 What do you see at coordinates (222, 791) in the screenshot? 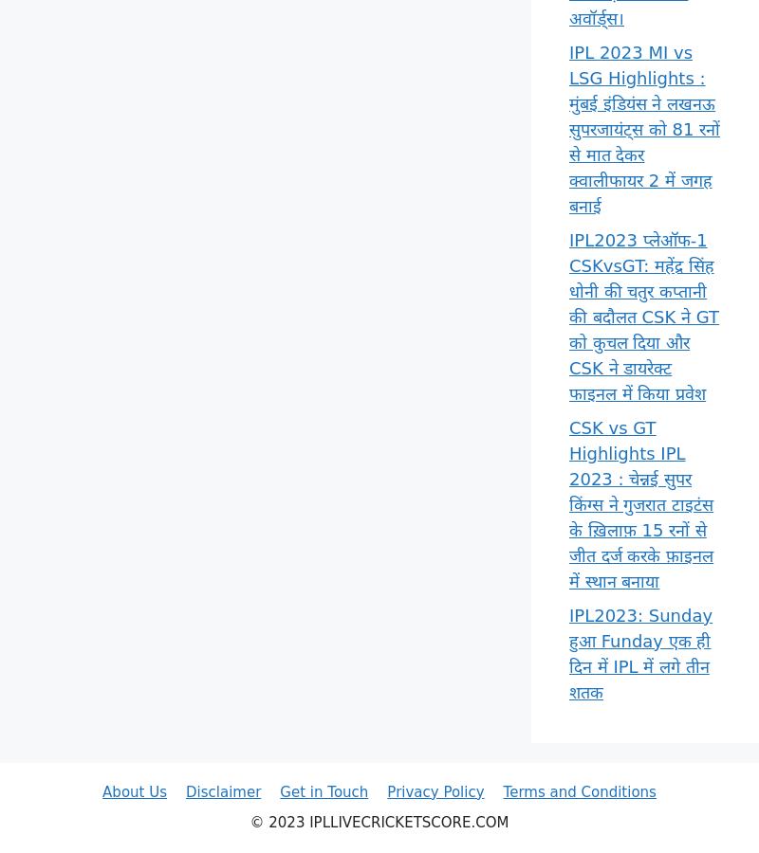
I see `'Disclaimer'` at bounding box center [222, 791].